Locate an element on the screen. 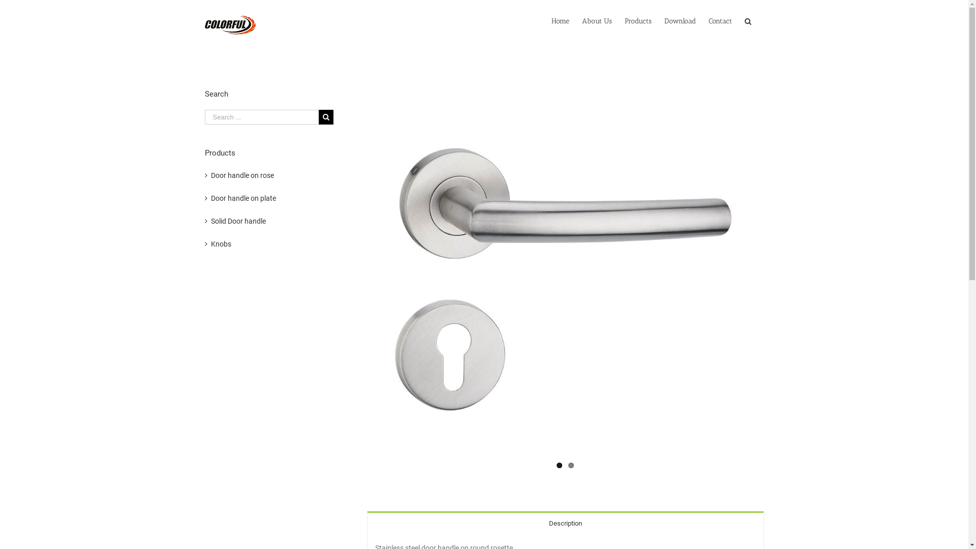 This screenshot has width=976, height=549. 'Download' is located at coordinates (680, 21).